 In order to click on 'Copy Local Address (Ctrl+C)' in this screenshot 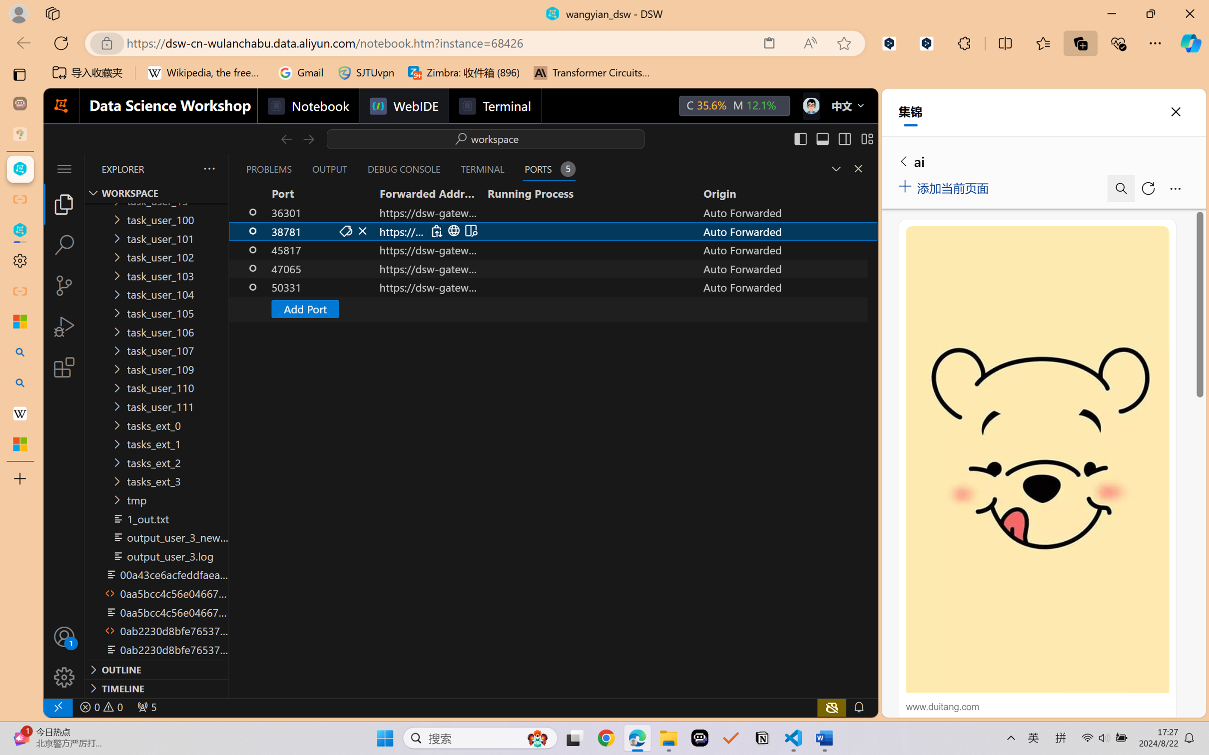, I will do `click(436, 230)`.